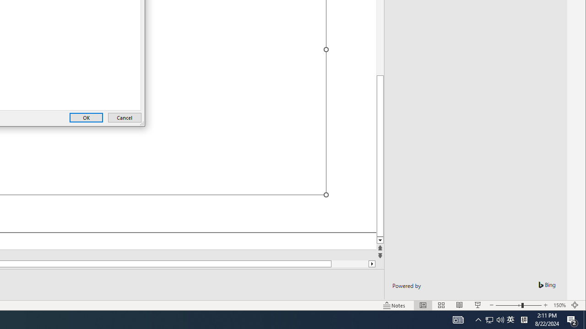  What do you see at coordinates (124, 117) in the screenshot?
I see `'Cancel'` at bounding box center [124, 117].